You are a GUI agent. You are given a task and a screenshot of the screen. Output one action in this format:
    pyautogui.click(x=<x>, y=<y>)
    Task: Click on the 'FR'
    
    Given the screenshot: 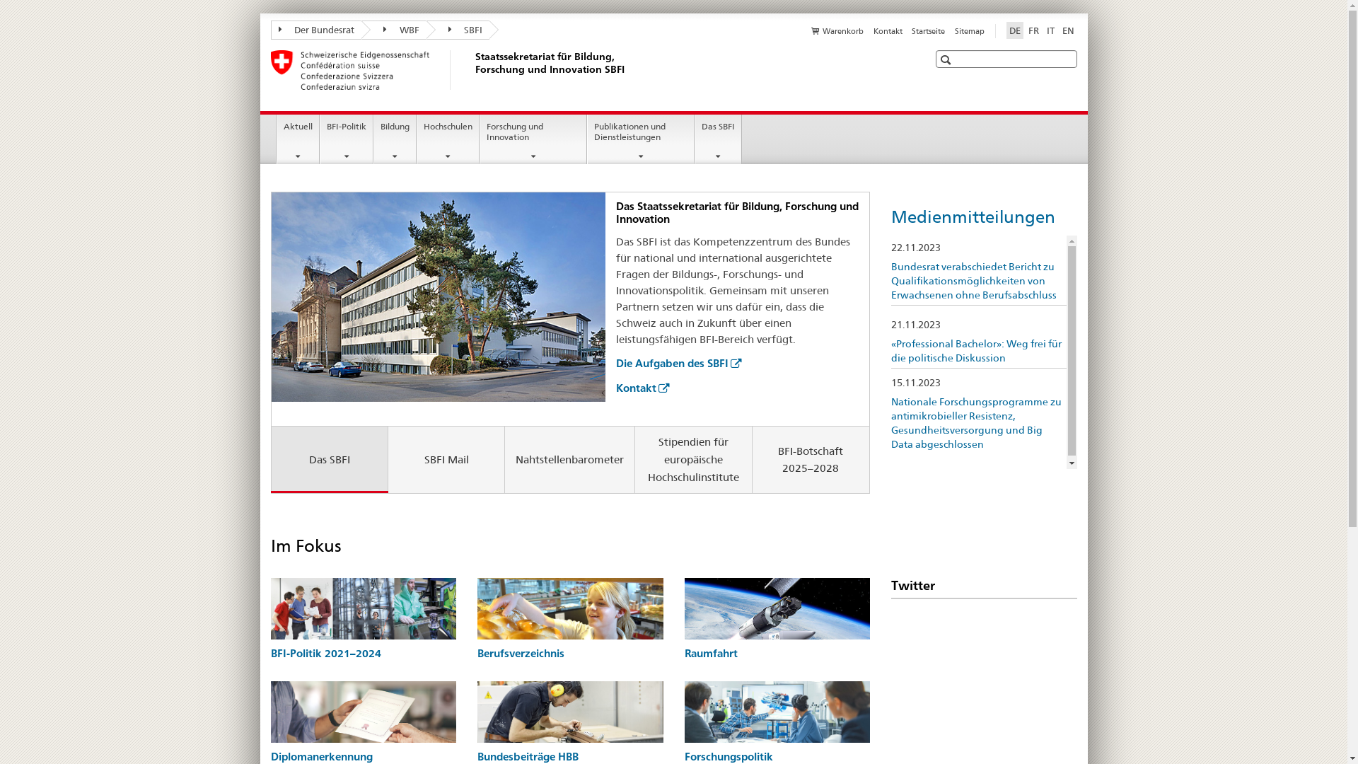 What is the action you would take?
    pyautogui.click(x=1033, y=30)
    